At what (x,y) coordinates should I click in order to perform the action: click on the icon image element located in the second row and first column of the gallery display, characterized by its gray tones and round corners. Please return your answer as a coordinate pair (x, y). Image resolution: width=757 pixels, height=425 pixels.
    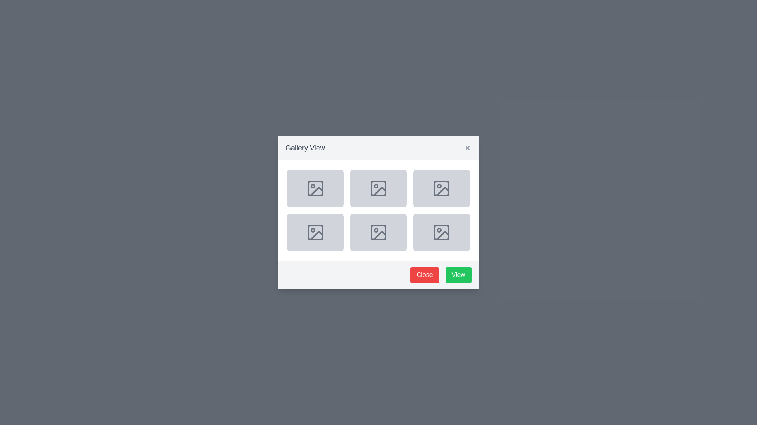
    Looking at the image, I should click on (315, 232).